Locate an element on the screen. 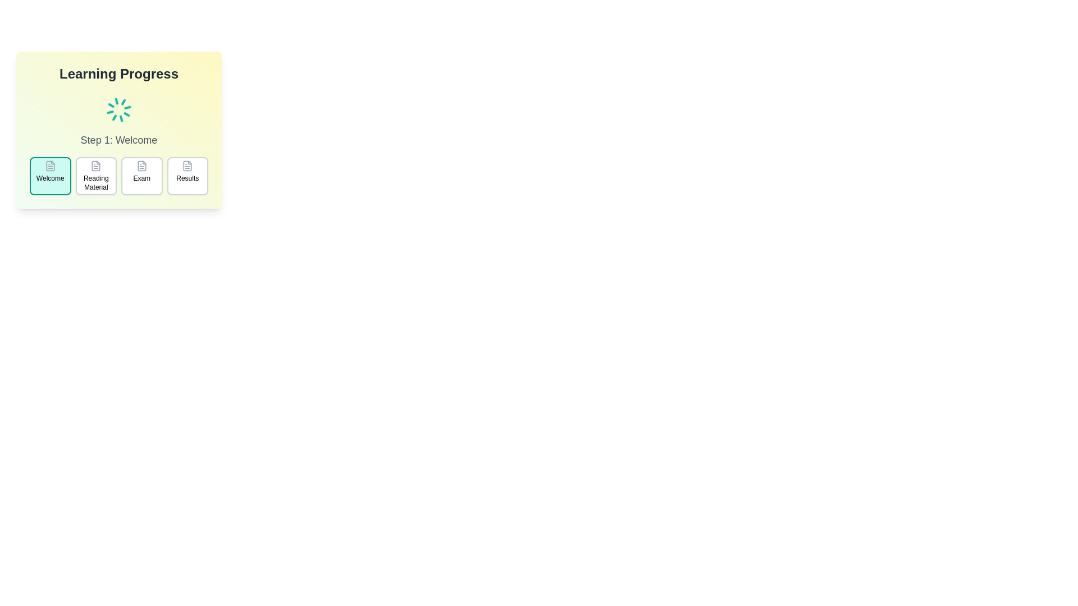 Image resolution: width=1078 pixels, height=606 pixels. the visual cue represented by the icon within the 'Welcome' button, which indicates the presence of associated document or file features is located at coordinates (49, 166).